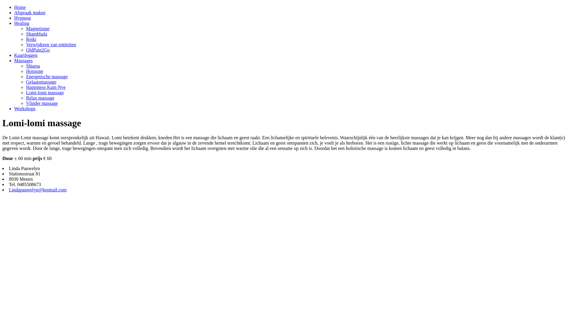 The image size is (569, 320). What do you see at coordinates (25, 39) in the screenshot?
I see `'Reiki'` at bounding box center [25, 39].